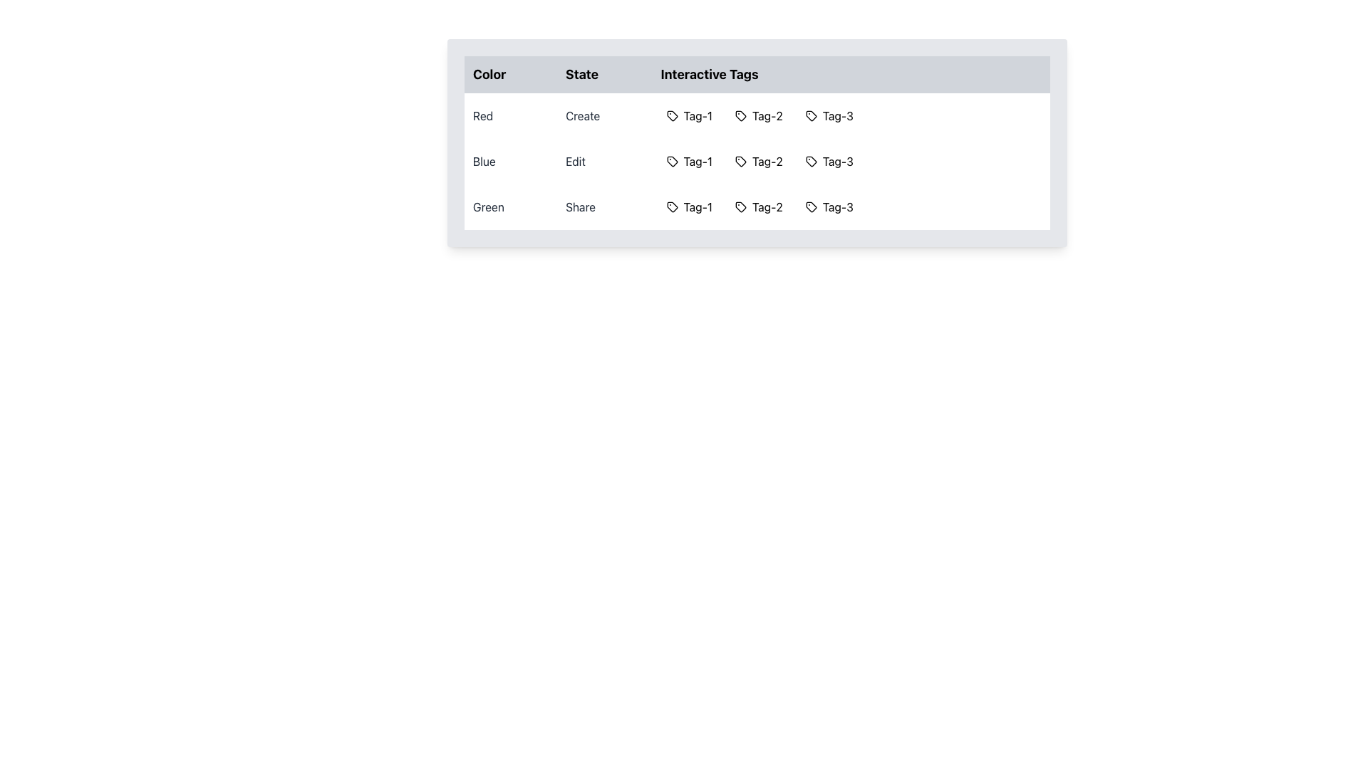 The height and width of the screenshot is (769, 1368). Describe the element at coordinates (811, 161) in the screenshot. I see `the vector icon resembling a tag in the 'Interactive Tags' column of the 'Edit' row, which is the third tag in this row` at that location.